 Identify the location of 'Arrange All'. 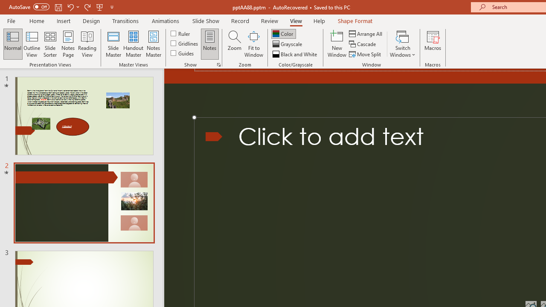
(366, 33).